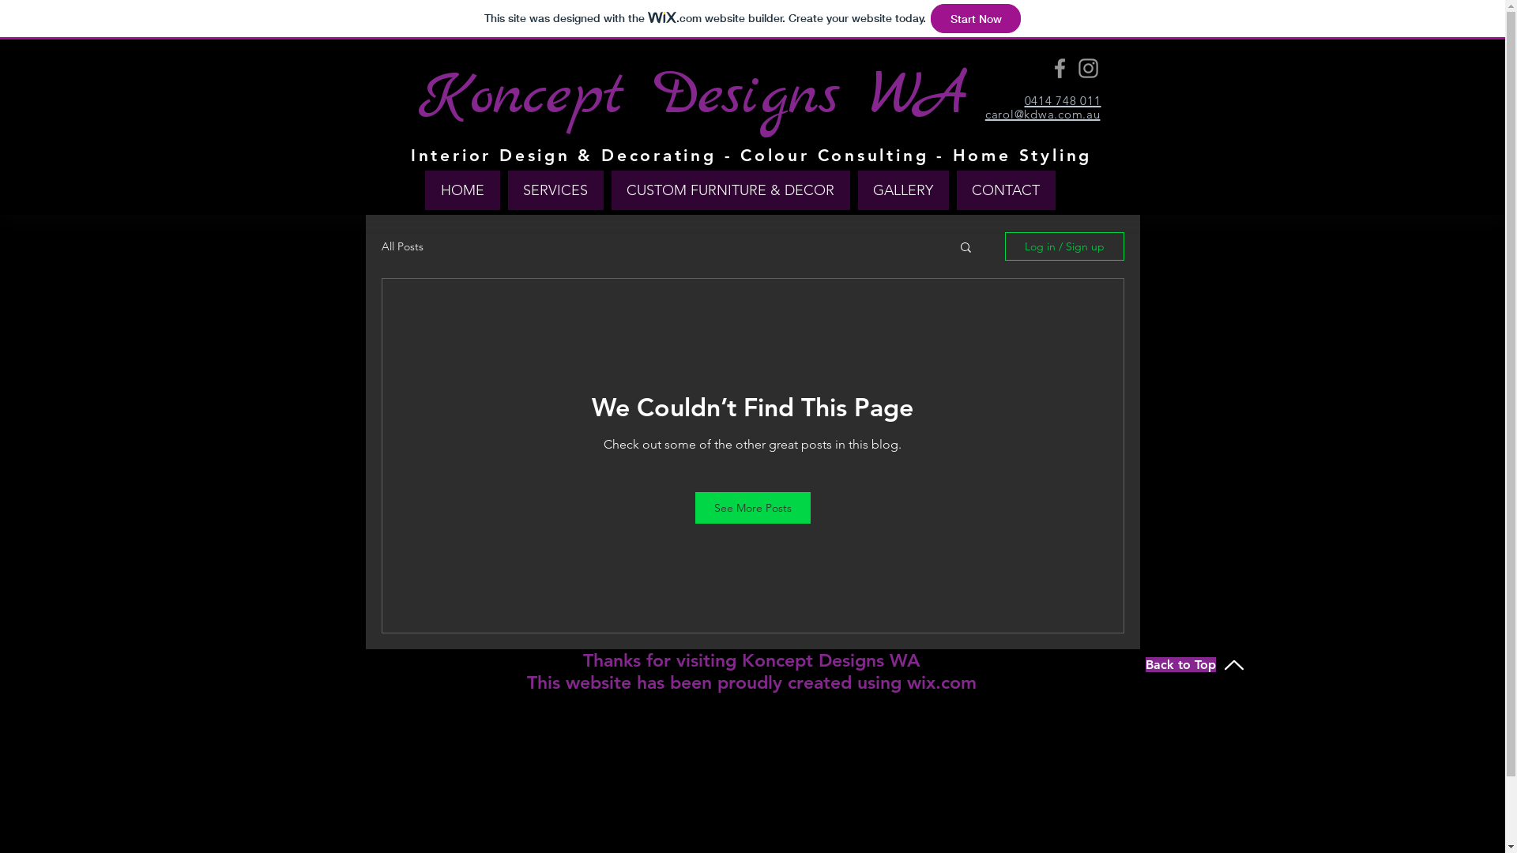 This screenshot has width=1517, height=853. I want to click on 'Log in / Sign up', so click(1064, 246).